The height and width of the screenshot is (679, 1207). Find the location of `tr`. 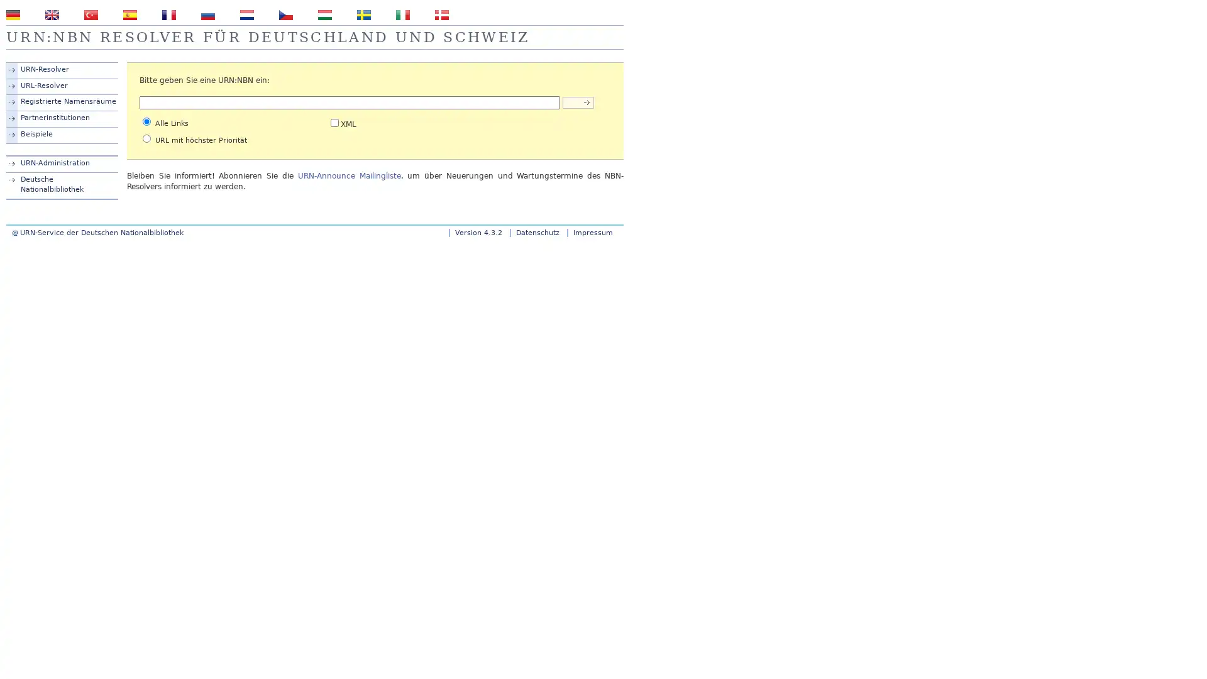

tr is located at coordinates (90, 14).